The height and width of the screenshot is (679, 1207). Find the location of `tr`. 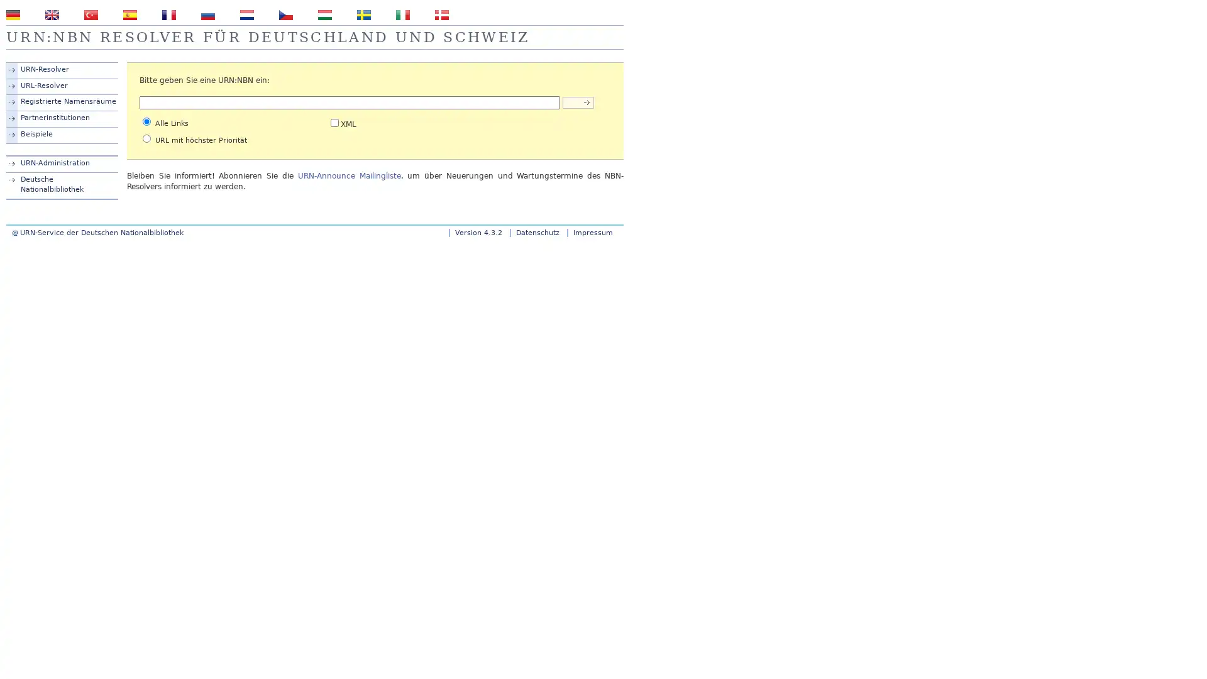

tr is located at coordinates (90, 14).